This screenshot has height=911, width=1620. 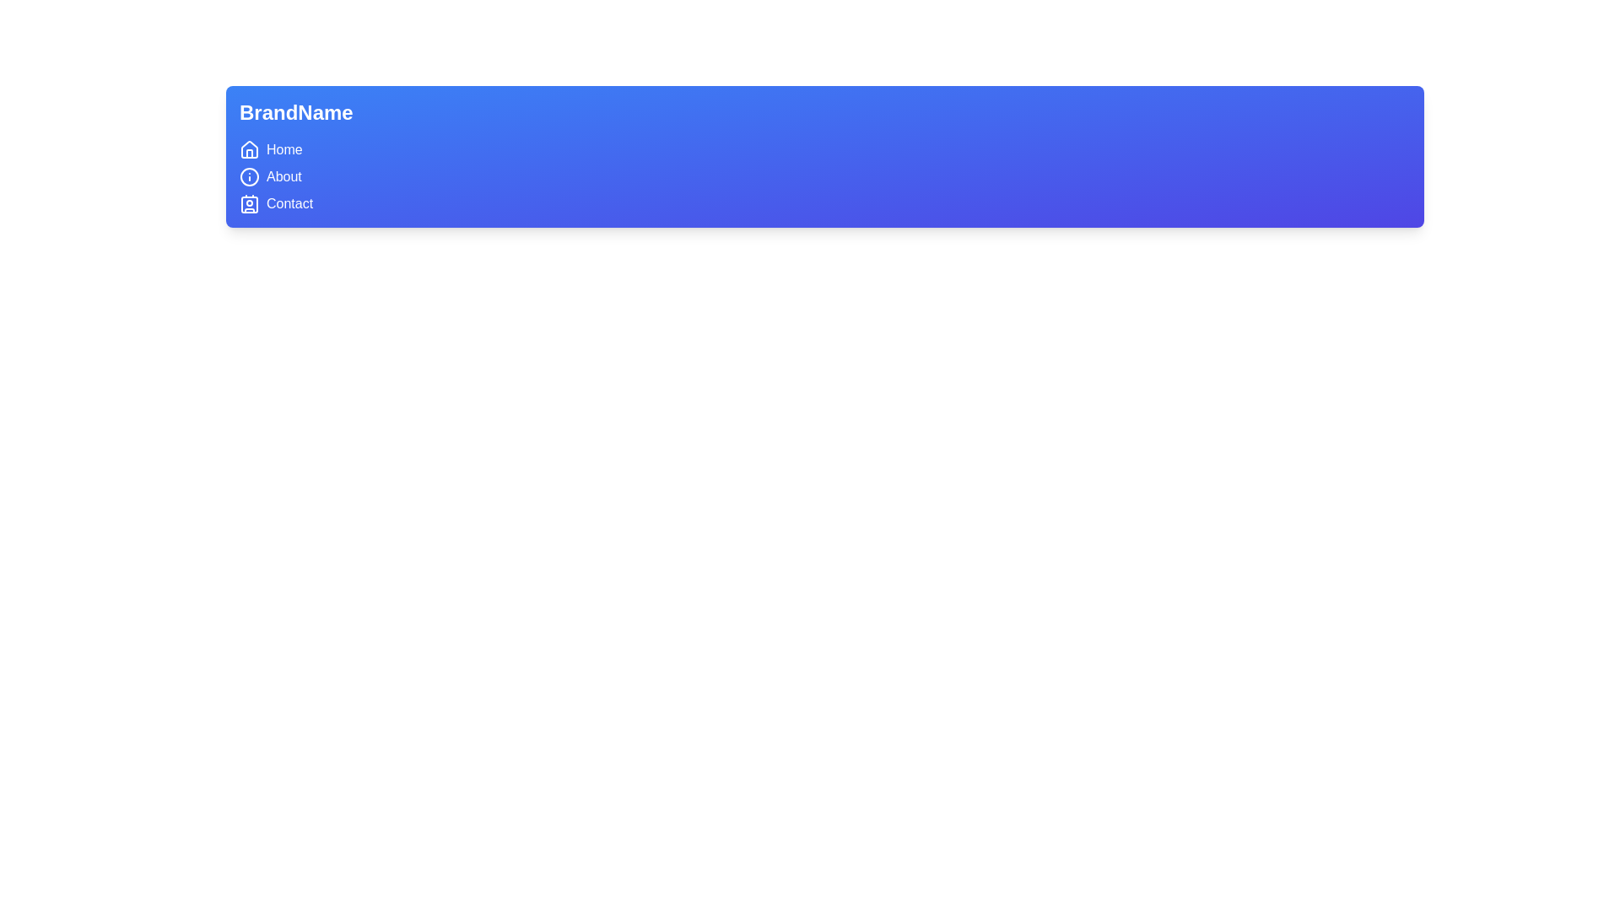 What do you see at coordinates (249, 203) in the screenshot?
I see `the contact card icon in the sidebar menu, which is styled as an outline drawing with a circular avatar area and is the third icon below the 'About' icon` at bounding box center [249, 203].